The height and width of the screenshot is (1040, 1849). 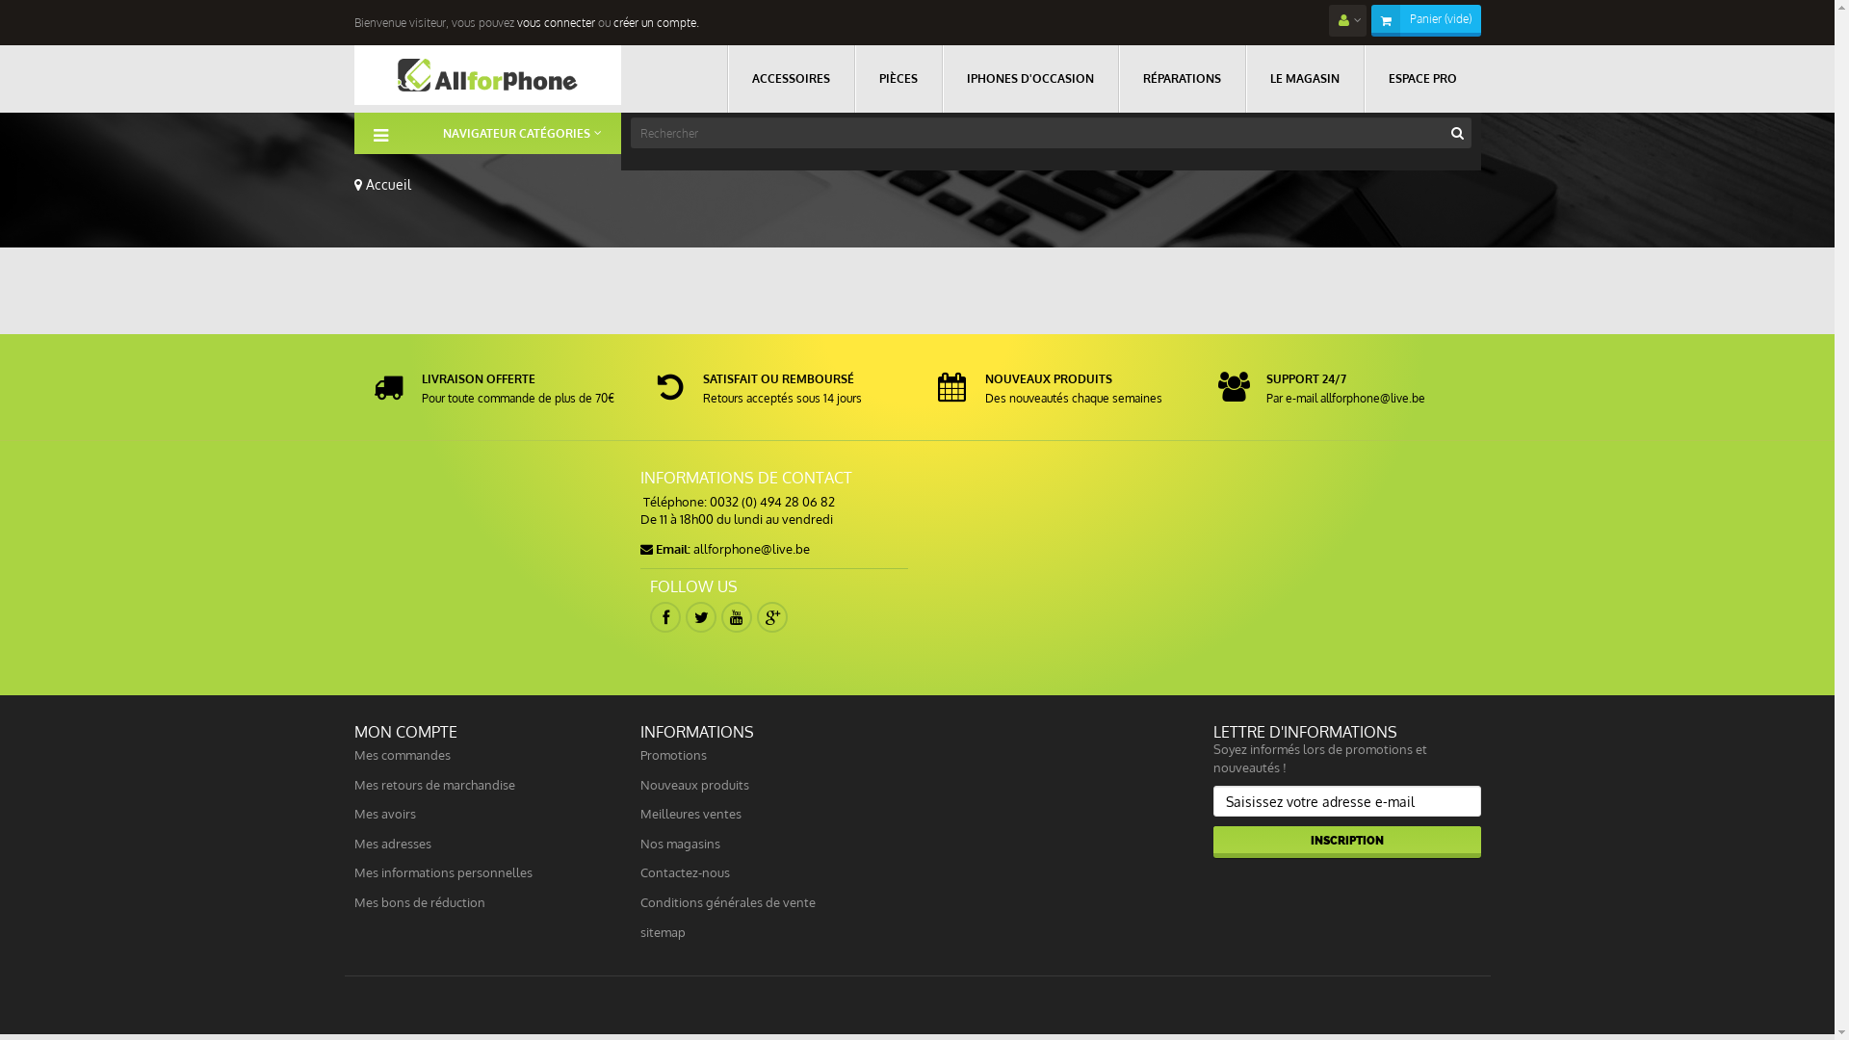 What do you see at coordinates (384, 813) in the screenshot?
I see `'Mes avoirs'` at bounding box center [384, 813].